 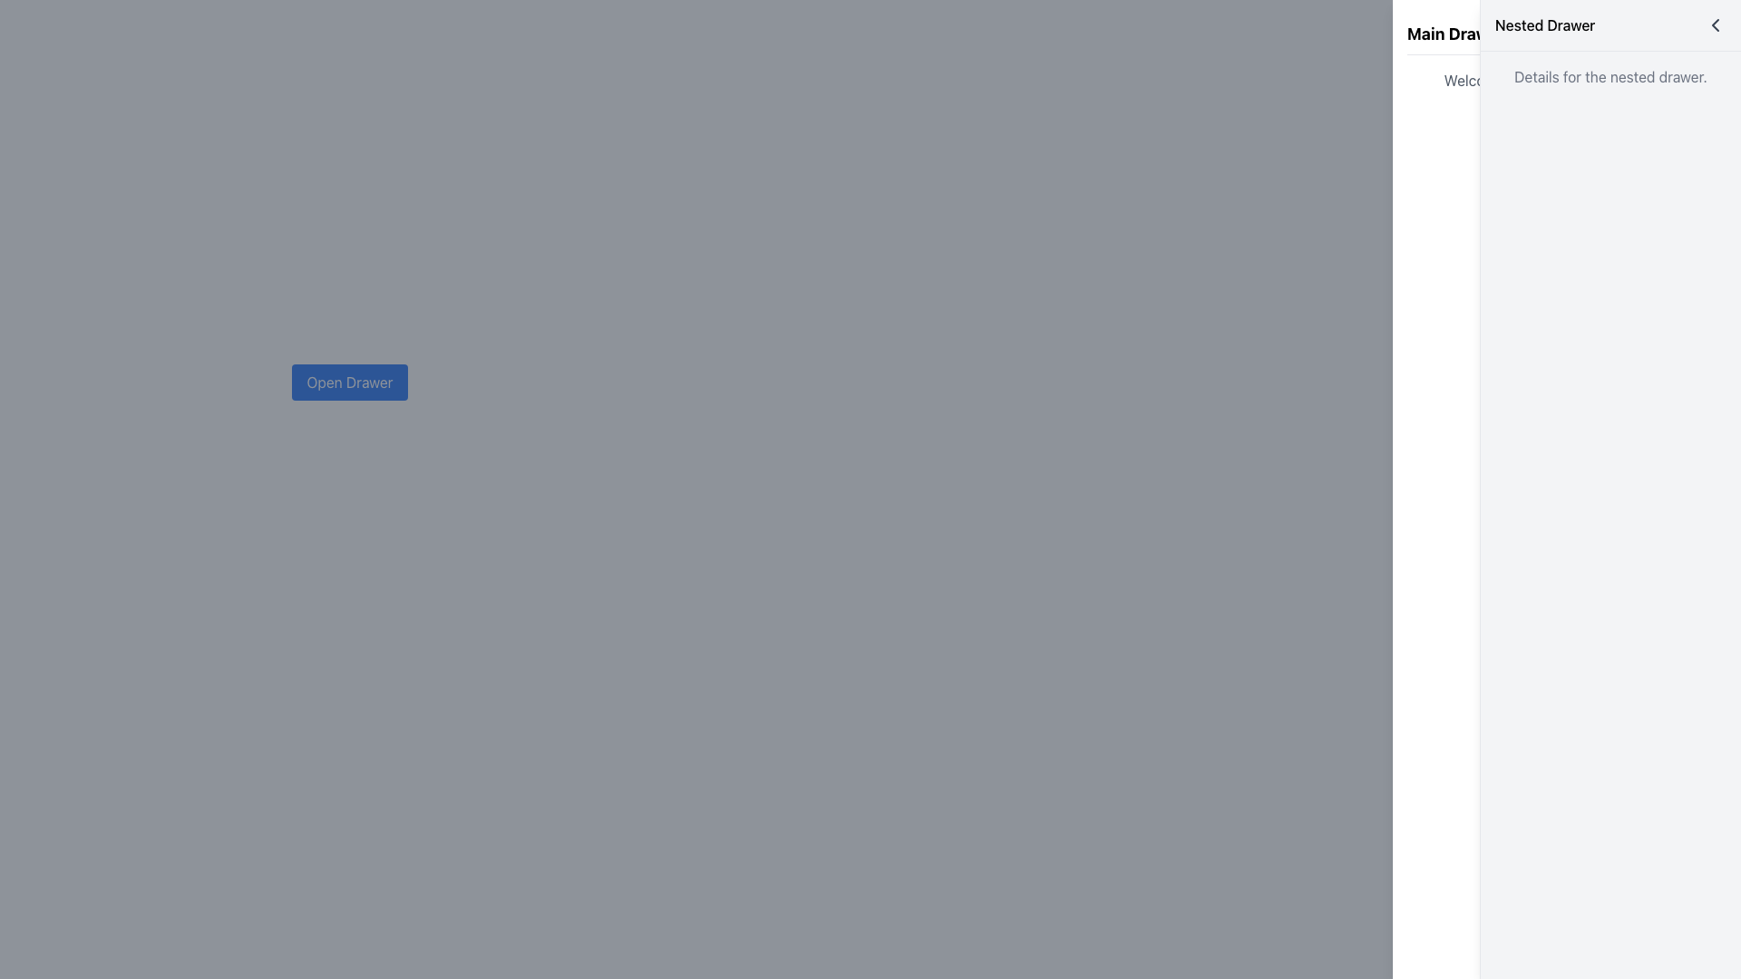 What do you see at coordinates (1714, 34) in the screenshot?
I see `the bottom-left to top-right diagonal line of the close icon in the top-right corner of the Nested Drawer interface` at bounding box center [1714, 34].